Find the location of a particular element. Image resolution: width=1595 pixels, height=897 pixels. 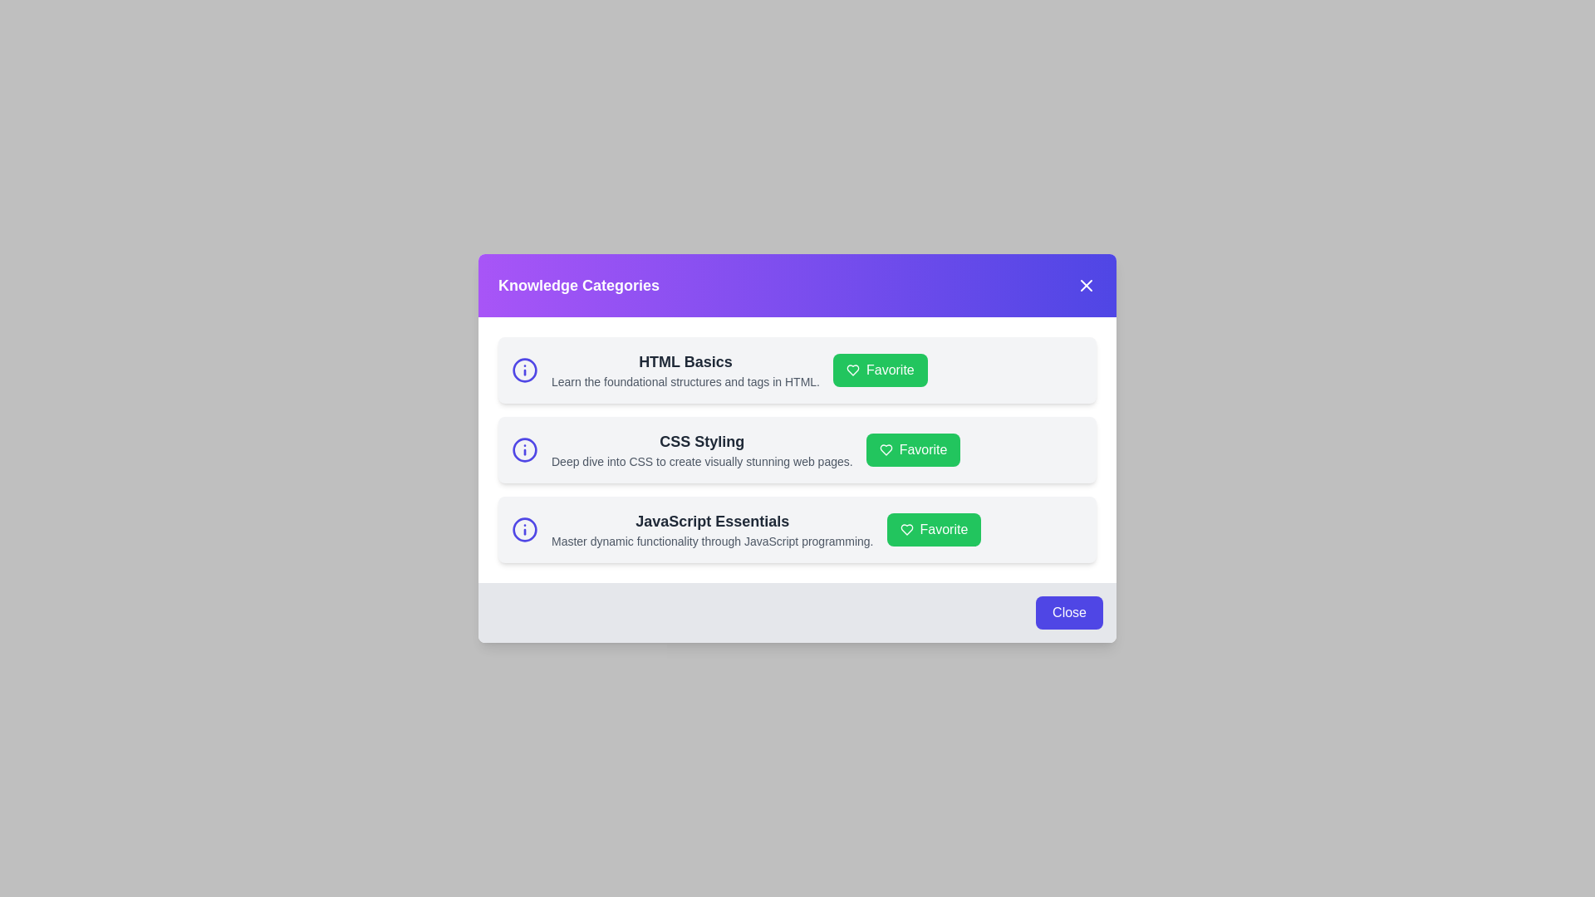

the Close button icon located in the upper right corner of the dialog box with a purple header is located at coordinates (1087, 284).